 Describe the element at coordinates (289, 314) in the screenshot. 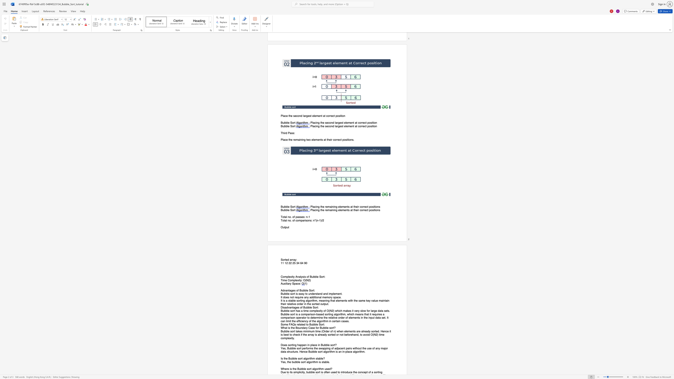

I see `the 1th character "e" in the text` at that location.